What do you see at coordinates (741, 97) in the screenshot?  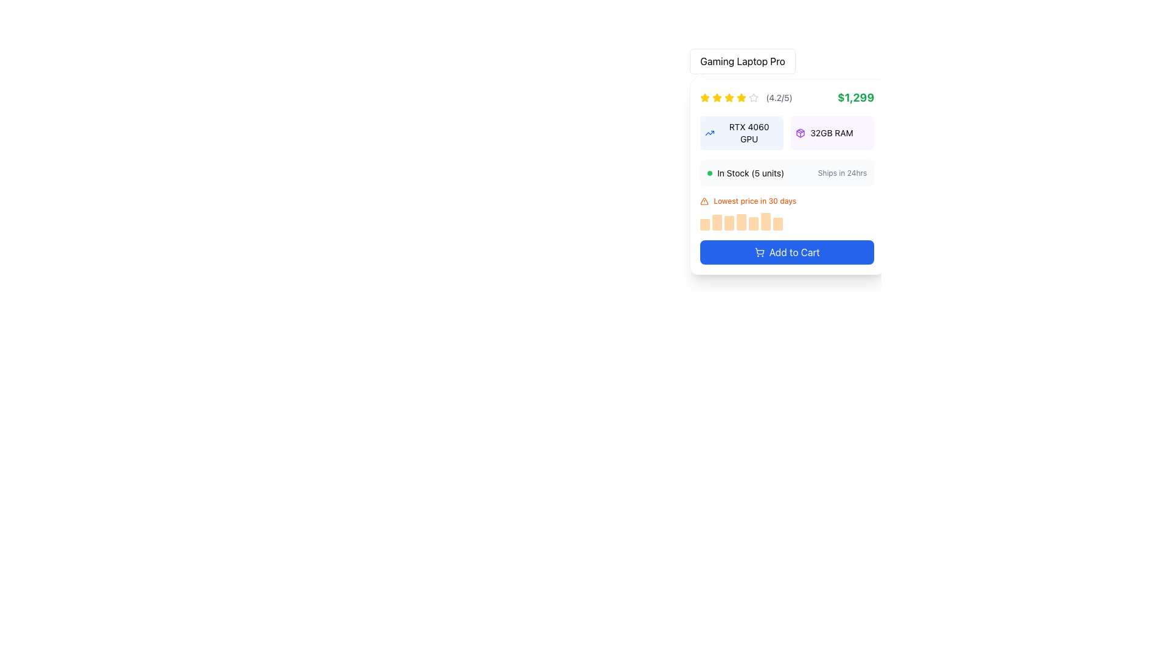 I see `the fourth star in the Star Rating Icon, which indicates part of a 4 out of 5 stars rating, located in the top-left area of the main content card` at bounding box center [741, 97].